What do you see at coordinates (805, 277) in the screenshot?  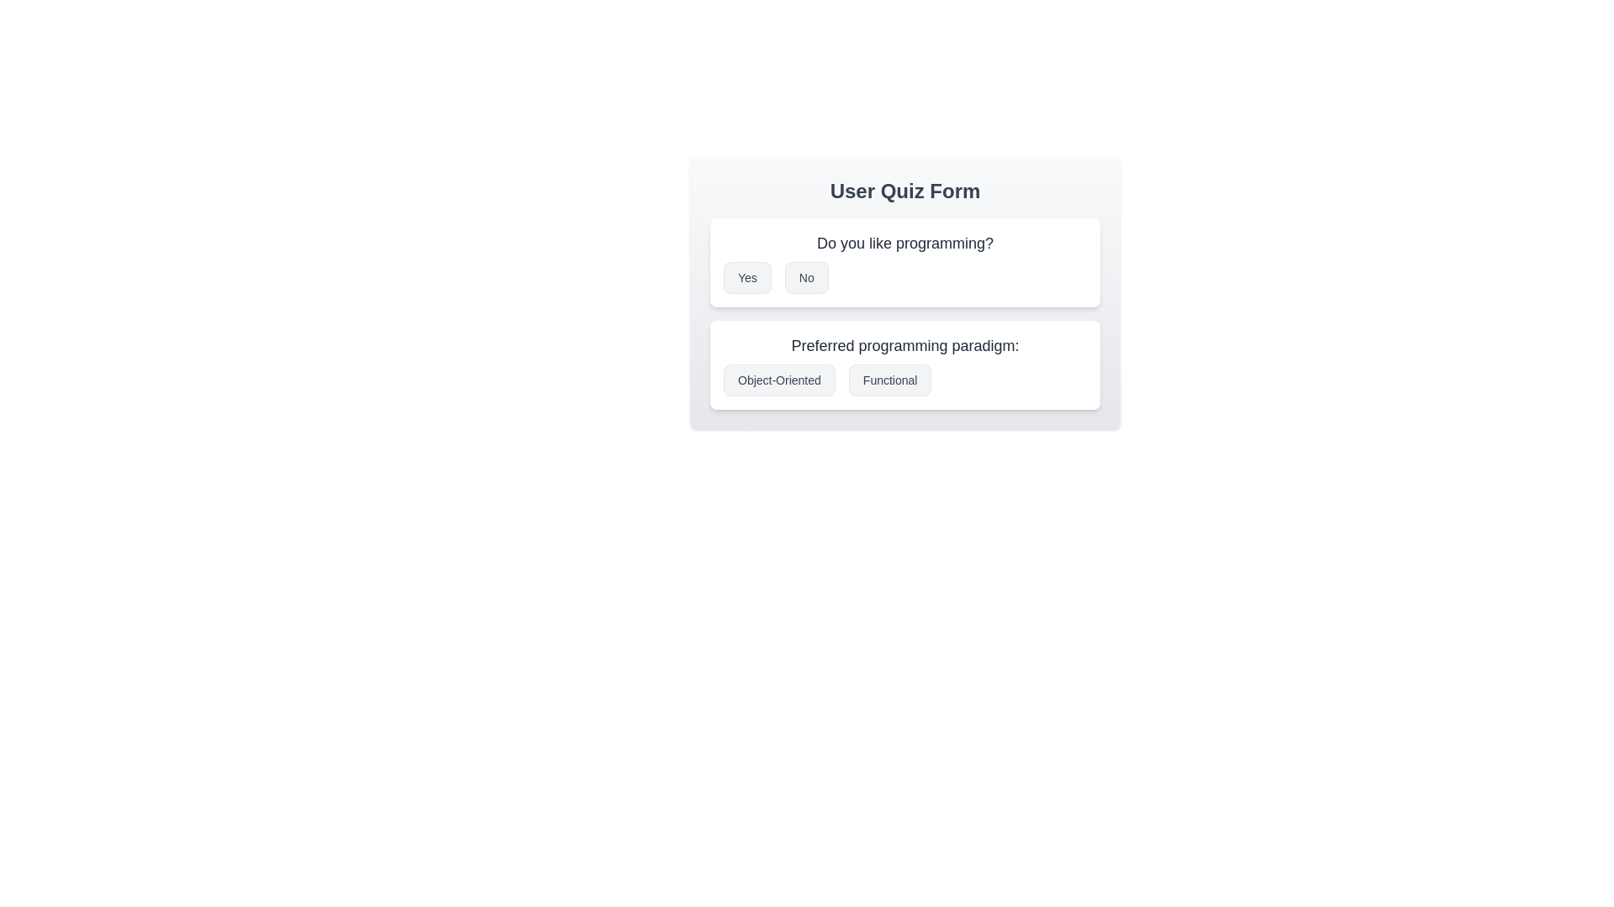 I see `the 'No' button, which is a rectangular button with rounded corners and dark gray text, located under the question 'Do you like programming?'` at bounding box center [805, 277].